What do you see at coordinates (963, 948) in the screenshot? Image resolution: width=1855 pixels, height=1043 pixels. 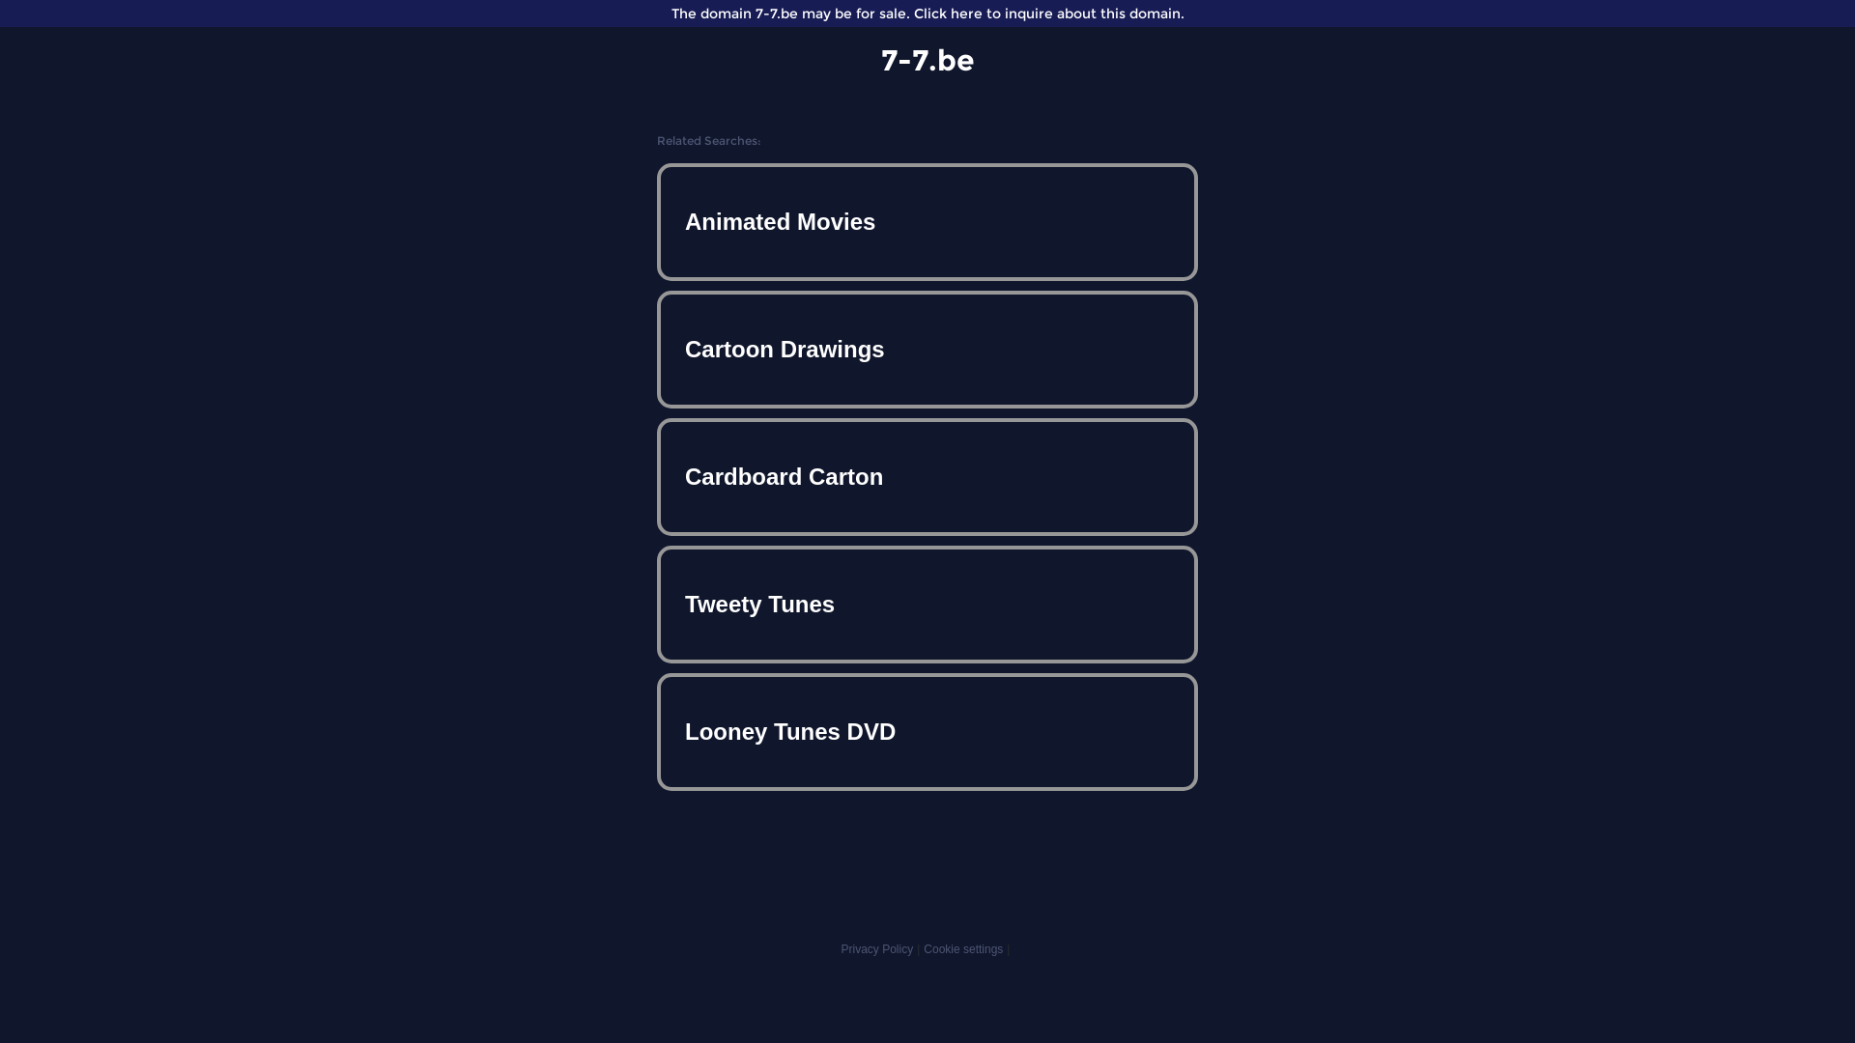 I see `'Cookie settings'` at bounding box center [963, 948].